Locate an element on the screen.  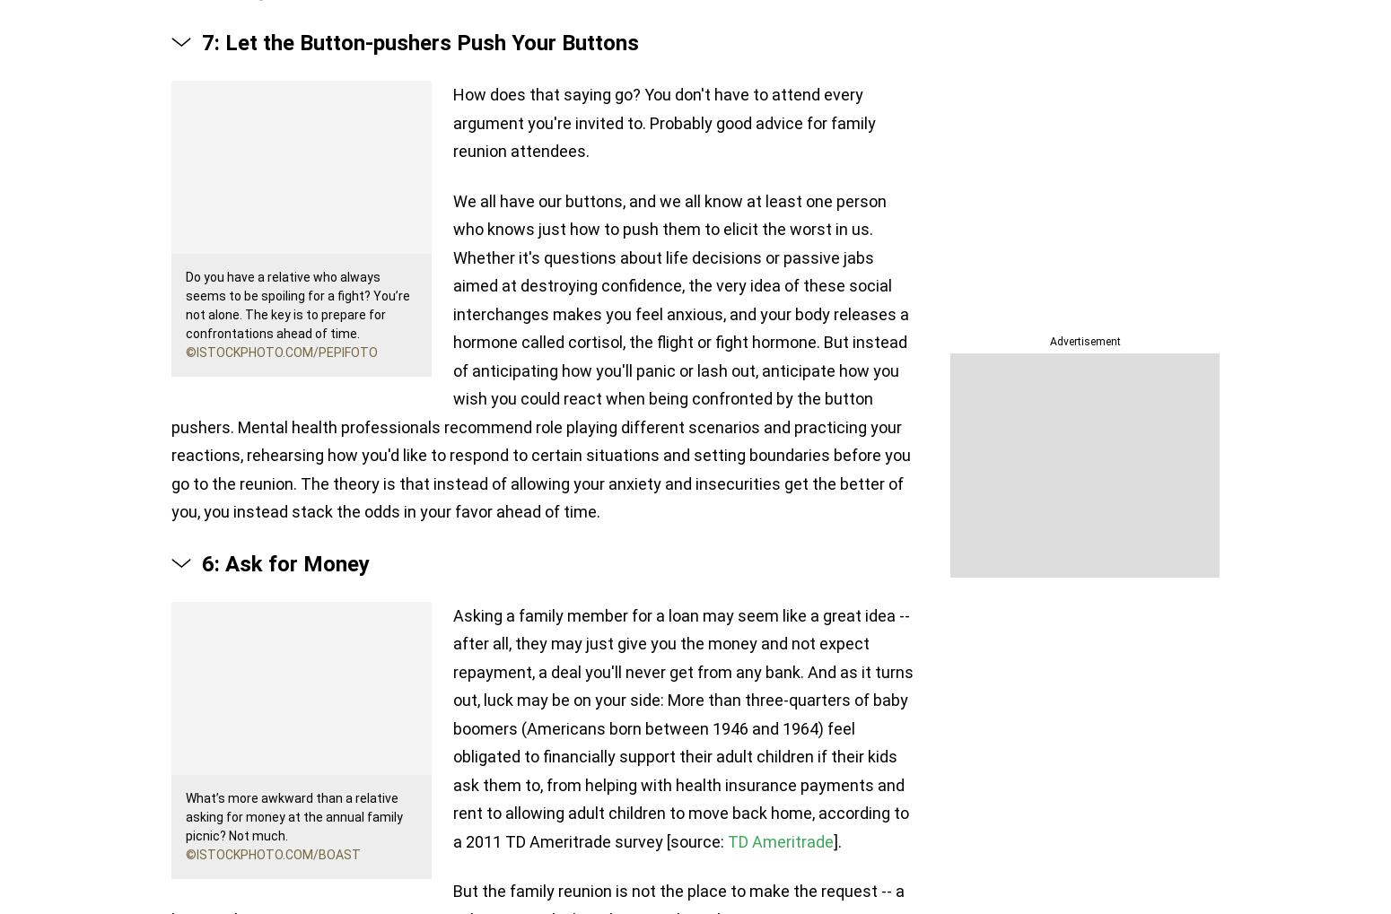
'©iStockphoto.com/Boast' is located at coordinates (273, 852).